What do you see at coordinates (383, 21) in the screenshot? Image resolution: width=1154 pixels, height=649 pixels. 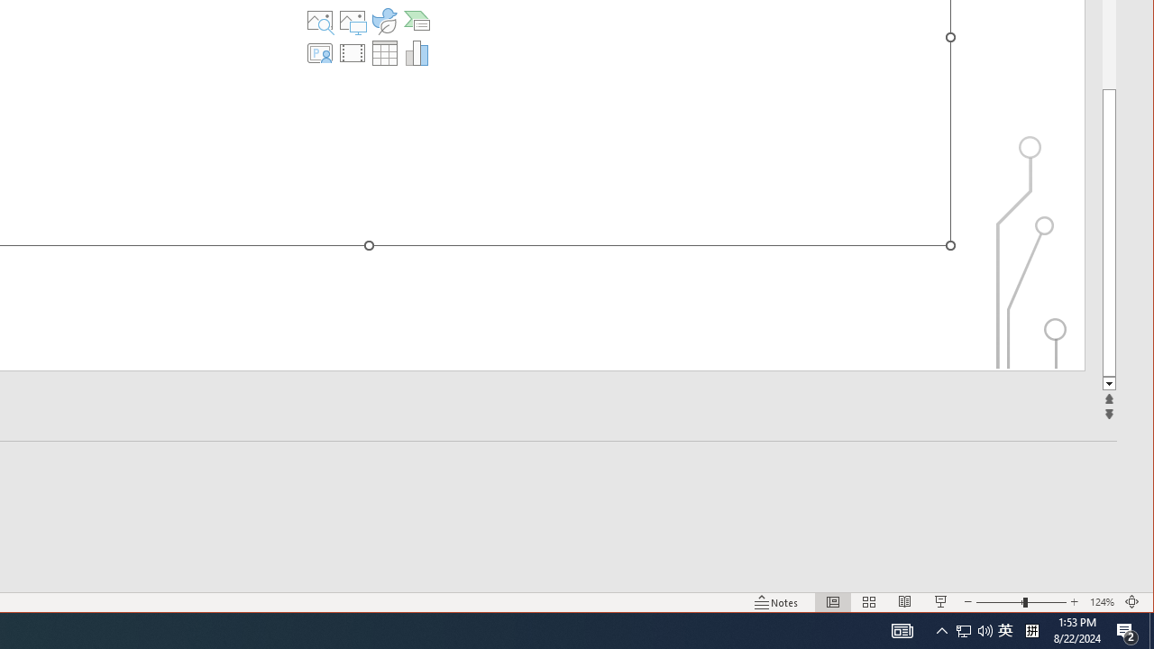 I see `'Insert an Icon'` at bounding box center [383, 21].